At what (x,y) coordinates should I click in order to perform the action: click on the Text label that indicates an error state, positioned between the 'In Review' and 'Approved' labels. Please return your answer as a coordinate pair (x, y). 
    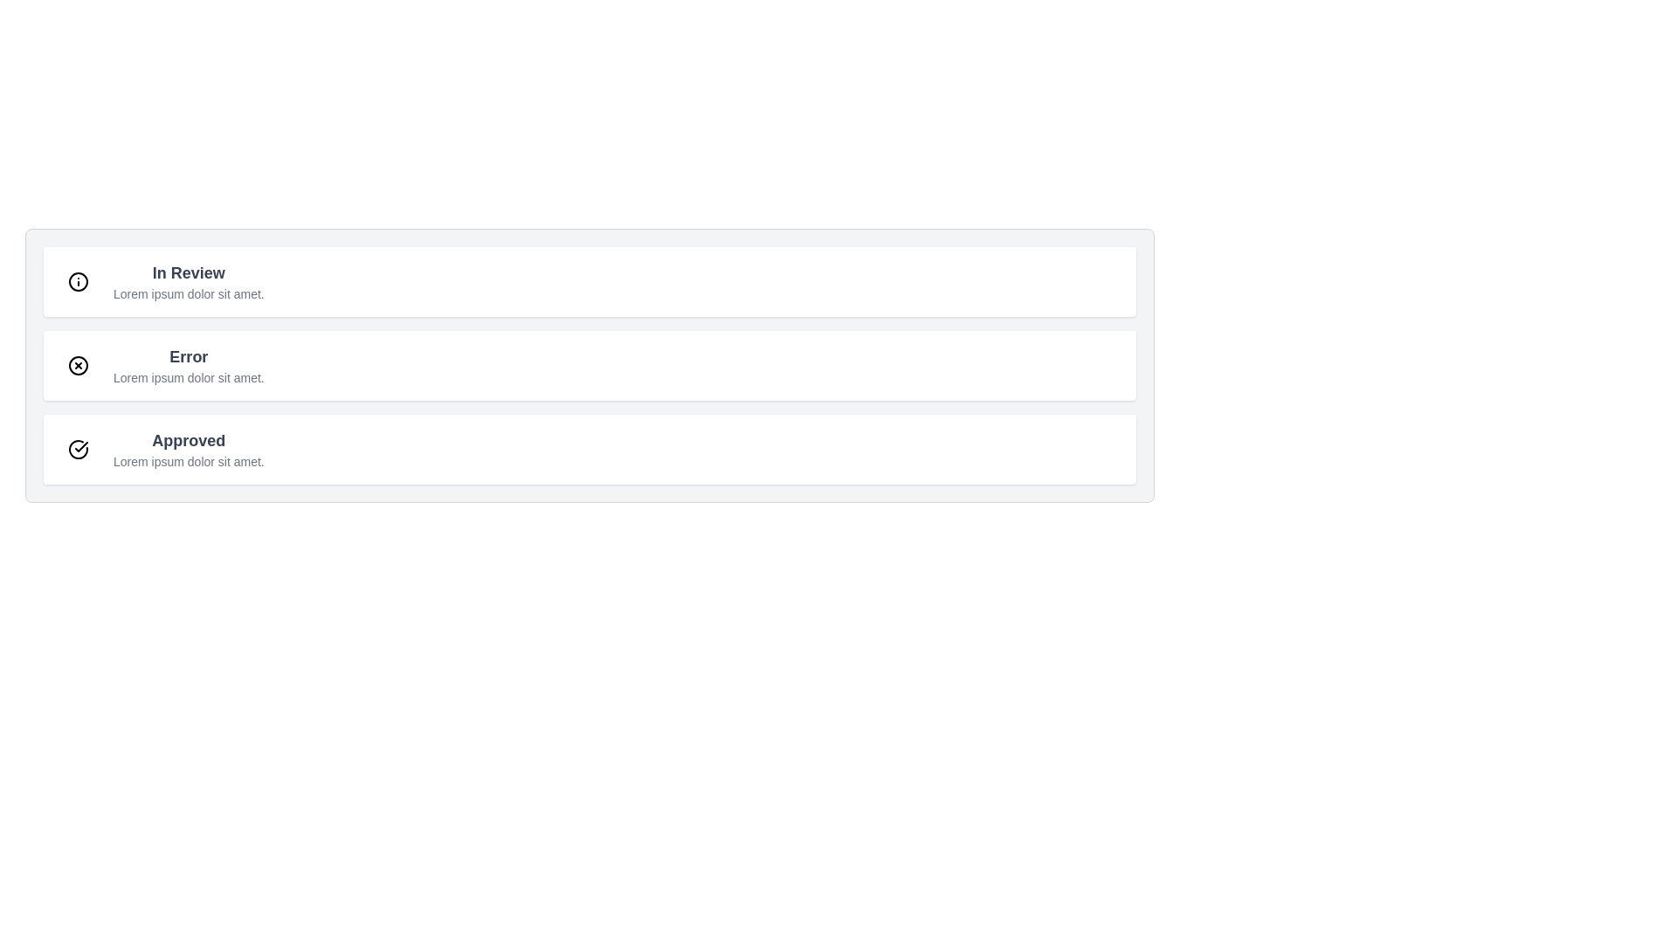
    Looking at the image, I should click on (189, 355).